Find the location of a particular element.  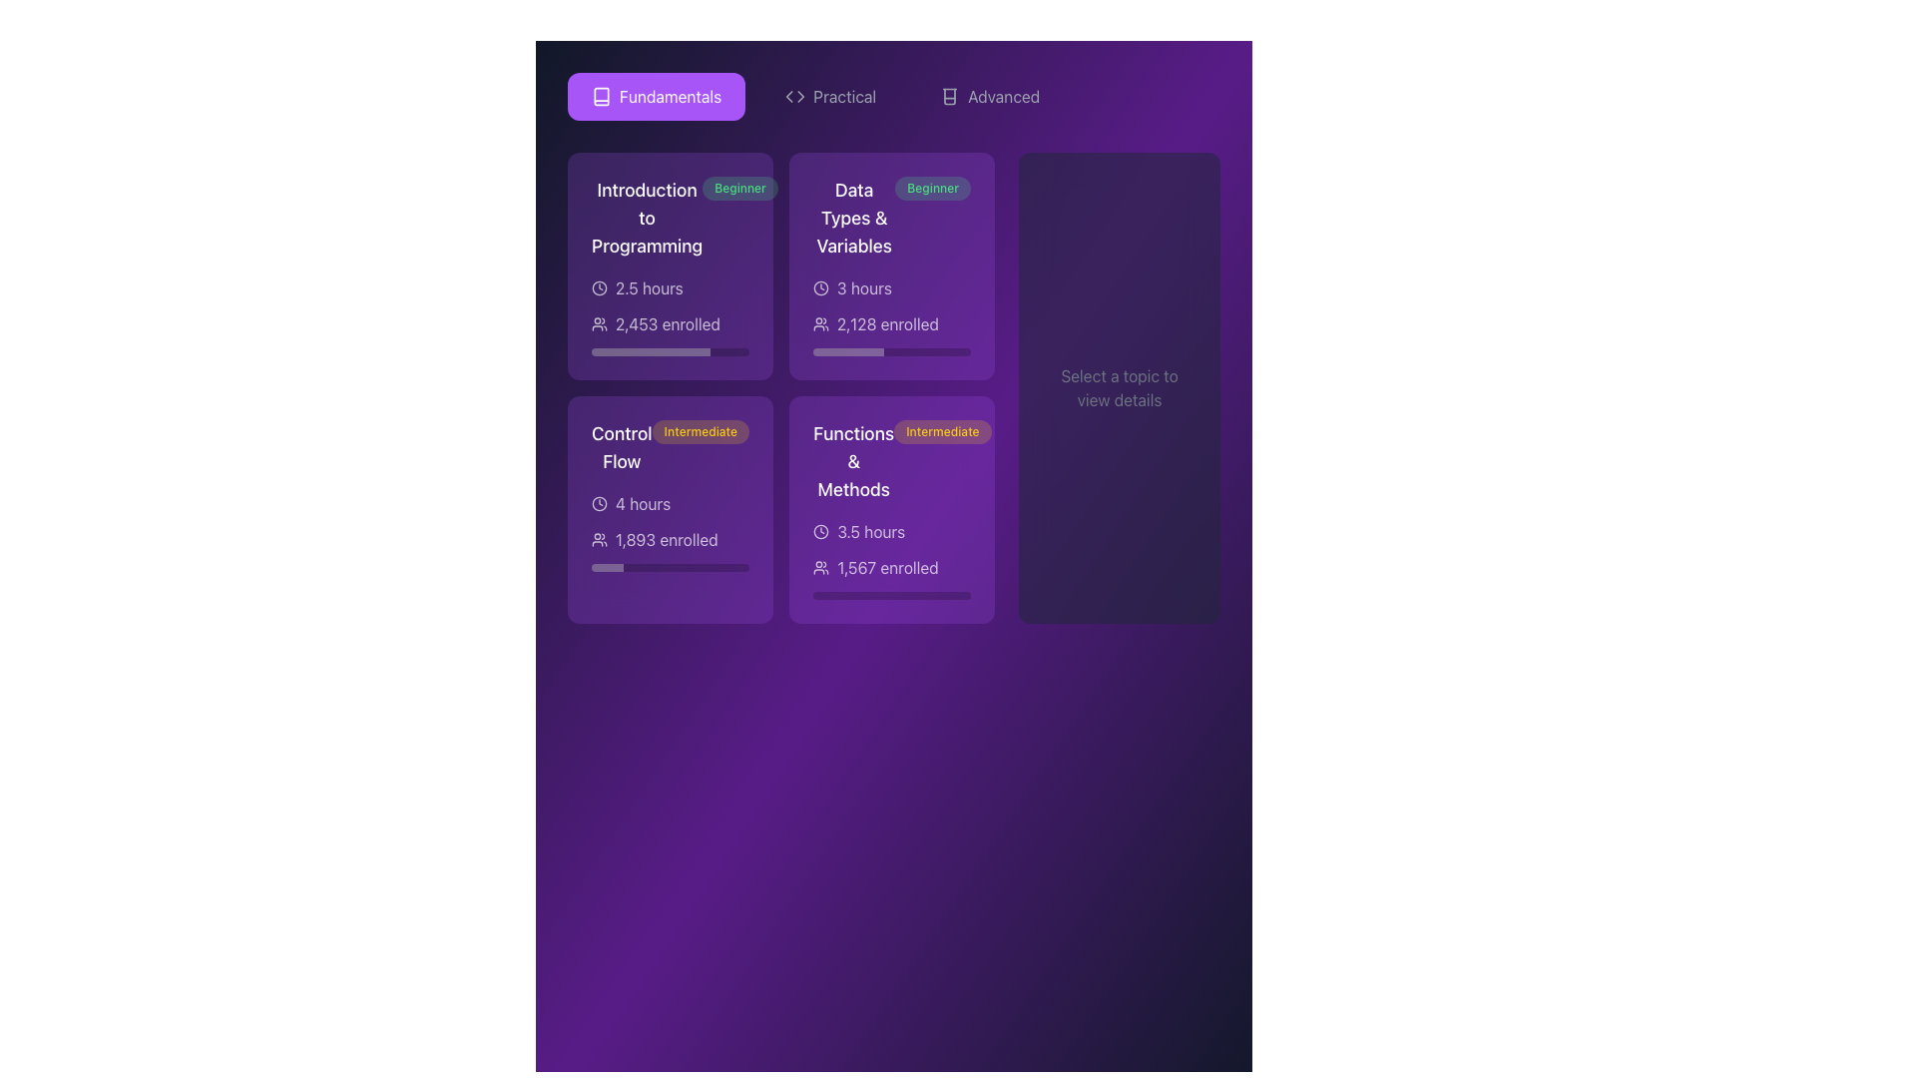

enrollment count displayed in the second line of text under the 'Data Types & Variables' course card, which shows how many people are enrolled in the course is located at coordinates (886, 322).